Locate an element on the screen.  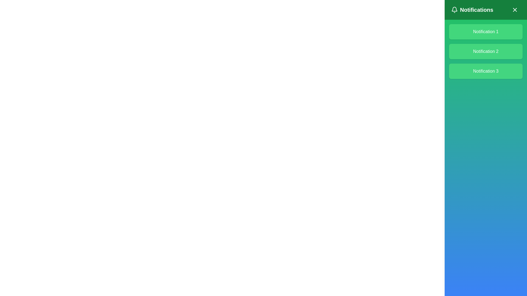
the small square button with a green background and a white 'X' icon located at the top-right corner of the notification panel is located at coordinates (515, 10).